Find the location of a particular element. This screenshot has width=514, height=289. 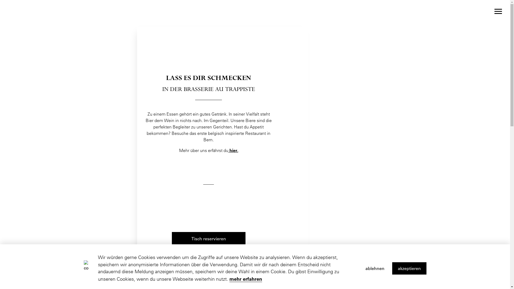

'akzeptieren' is located at coordinates (409, 268).